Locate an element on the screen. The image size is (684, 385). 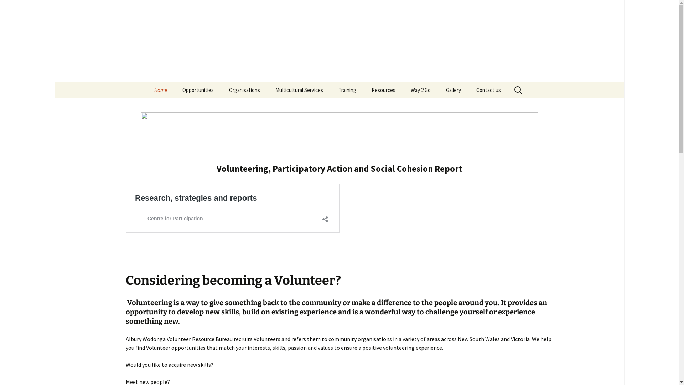
'Training For Organisations' is located at coordinates (367, 108).